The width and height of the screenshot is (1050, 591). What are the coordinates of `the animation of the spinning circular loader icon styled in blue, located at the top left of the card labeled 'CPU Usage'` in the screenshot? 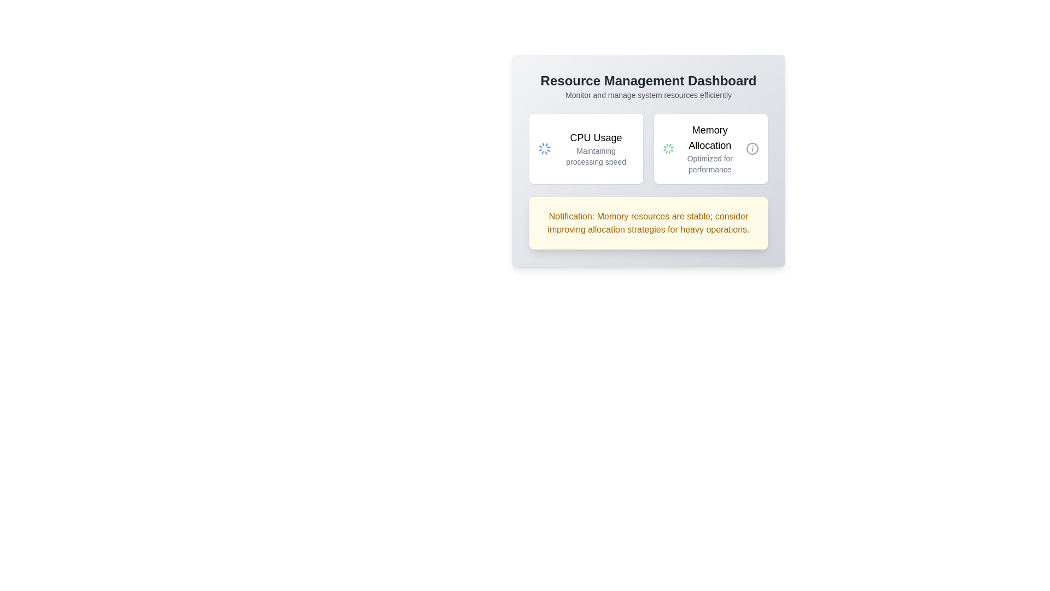 It's located at (545, 149).